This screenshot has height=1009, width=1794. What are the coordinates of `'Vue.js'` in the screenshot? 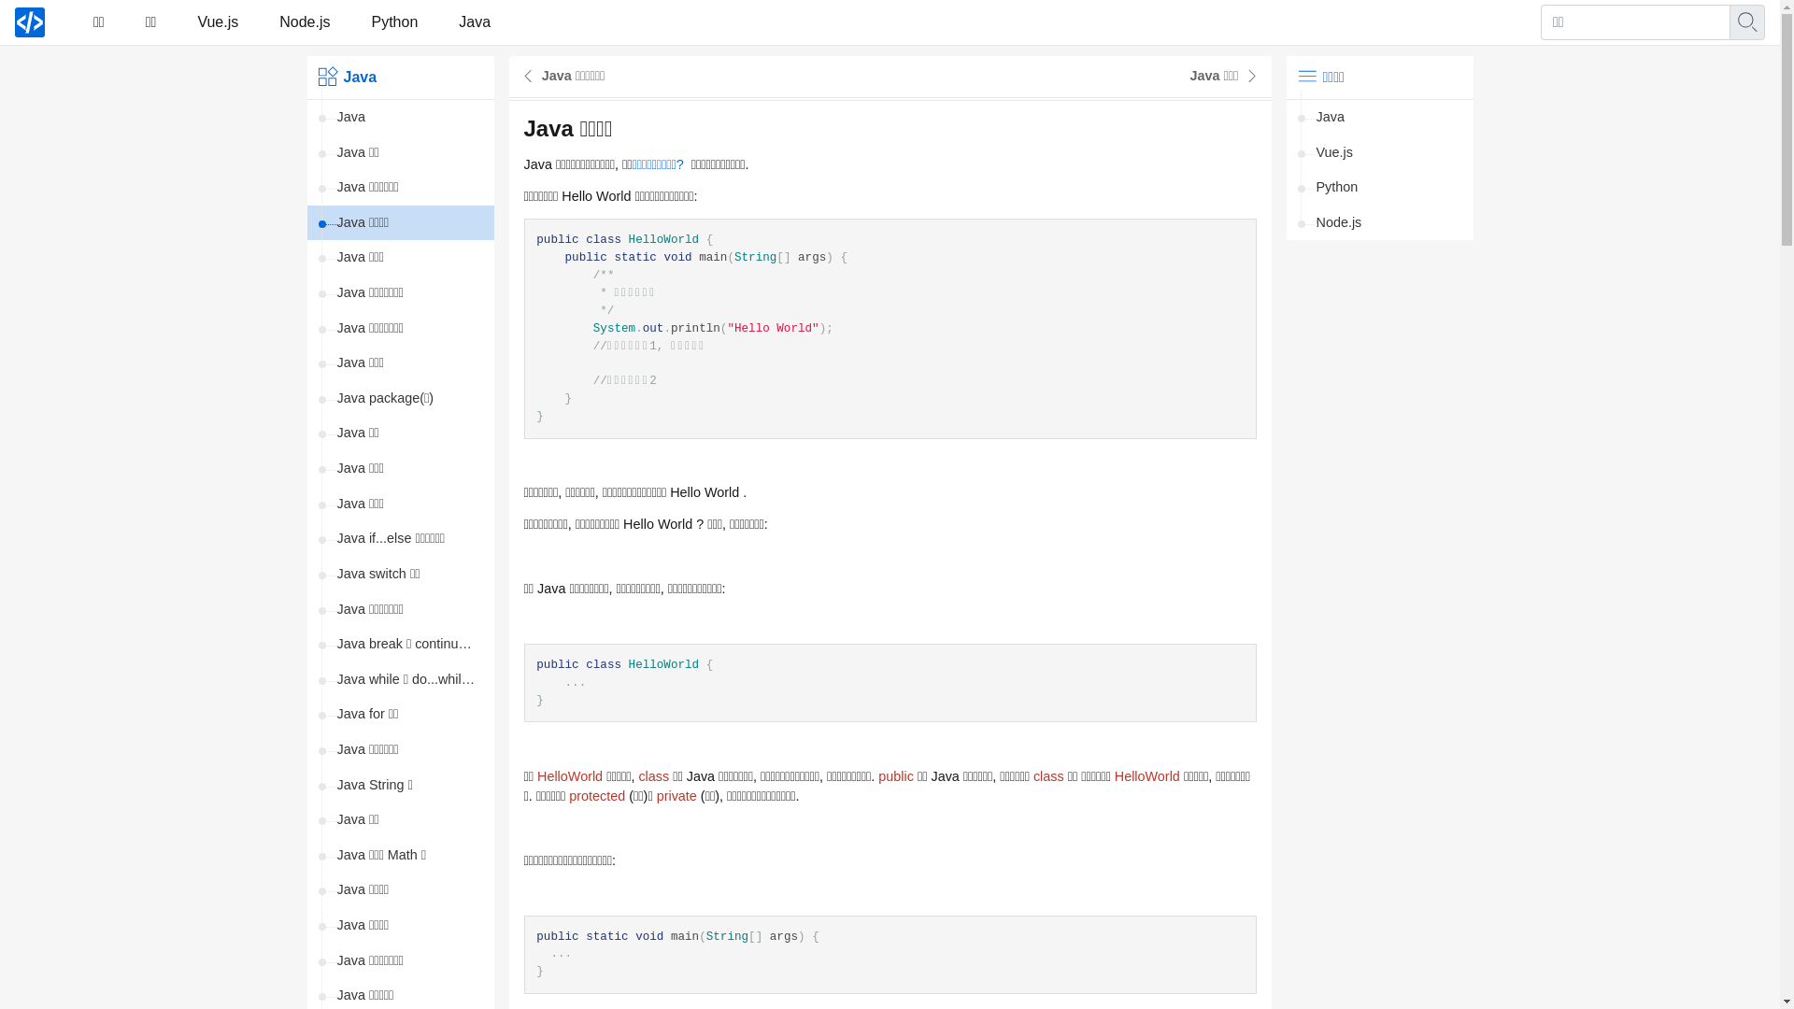 It's located at (1379, 152).